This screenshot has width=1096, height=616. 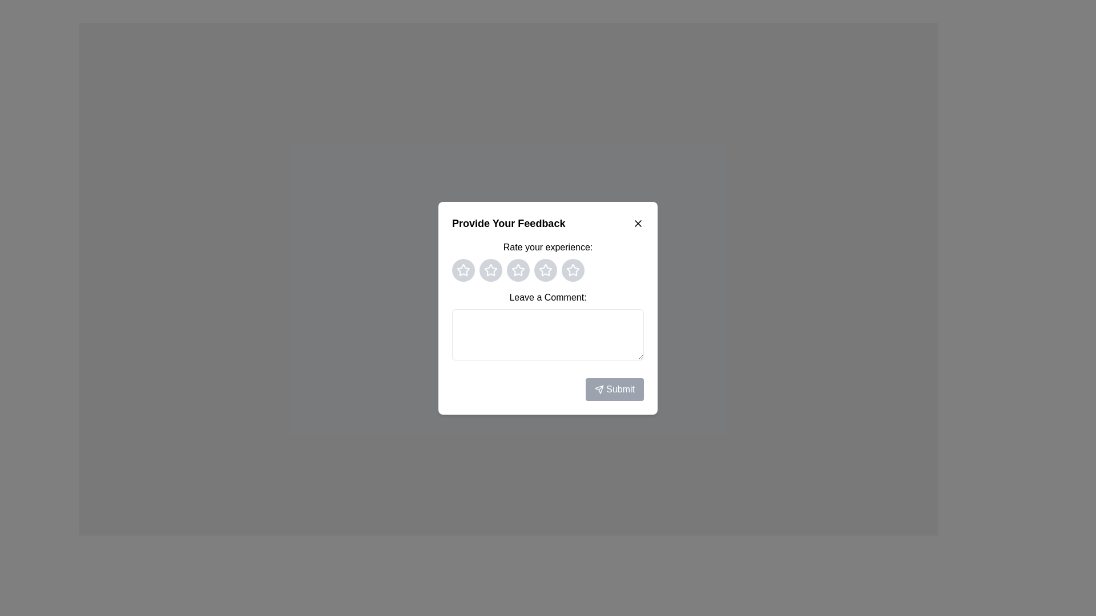 What do you see at coordinates (548, 260) in the screenshot?
I see `the star icon in the Rating component located centrally within the feedback modal beneath the title 'Provide Your Feedback'` at bounding box center [548, 260].